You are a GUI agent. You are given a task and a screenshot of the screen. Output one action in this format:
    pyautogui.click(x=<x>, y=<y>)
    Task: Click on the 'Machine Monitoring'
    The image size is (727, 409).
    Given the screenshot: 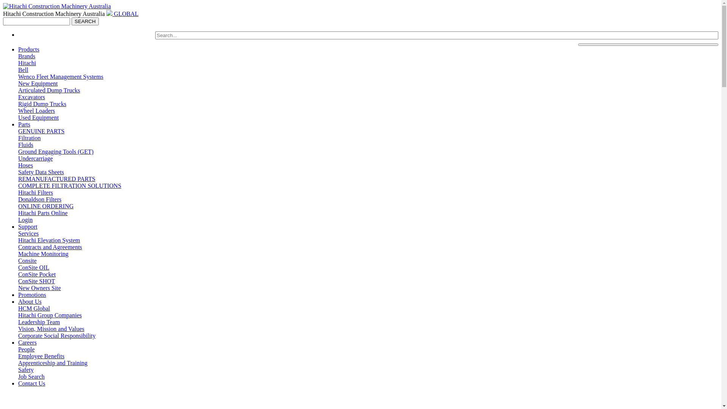 What is the action you would take?
    pyautogui.click(x=43, y=254)
    